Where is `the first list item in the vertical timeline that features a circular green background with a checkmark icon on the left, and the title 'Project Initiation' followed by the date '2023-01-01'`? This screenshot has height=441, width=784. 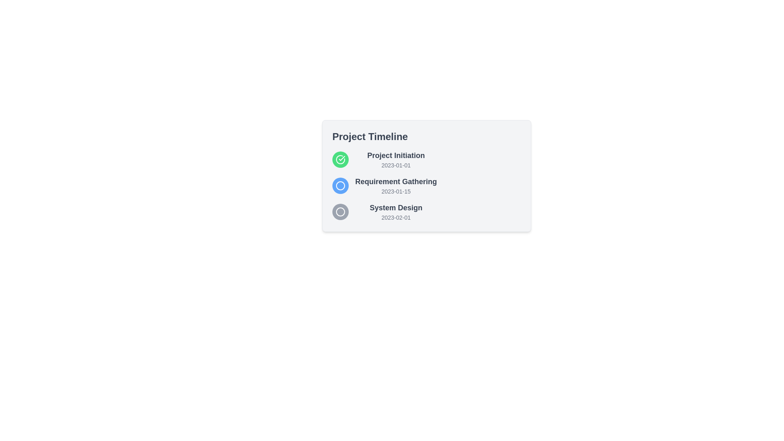 the first list item in the vertical timeline that features a circular green background with a checkmark icon on the left, and the title 'Project Initiation' followed by the date '2023-01-01' is located at coordinates (384, 159).